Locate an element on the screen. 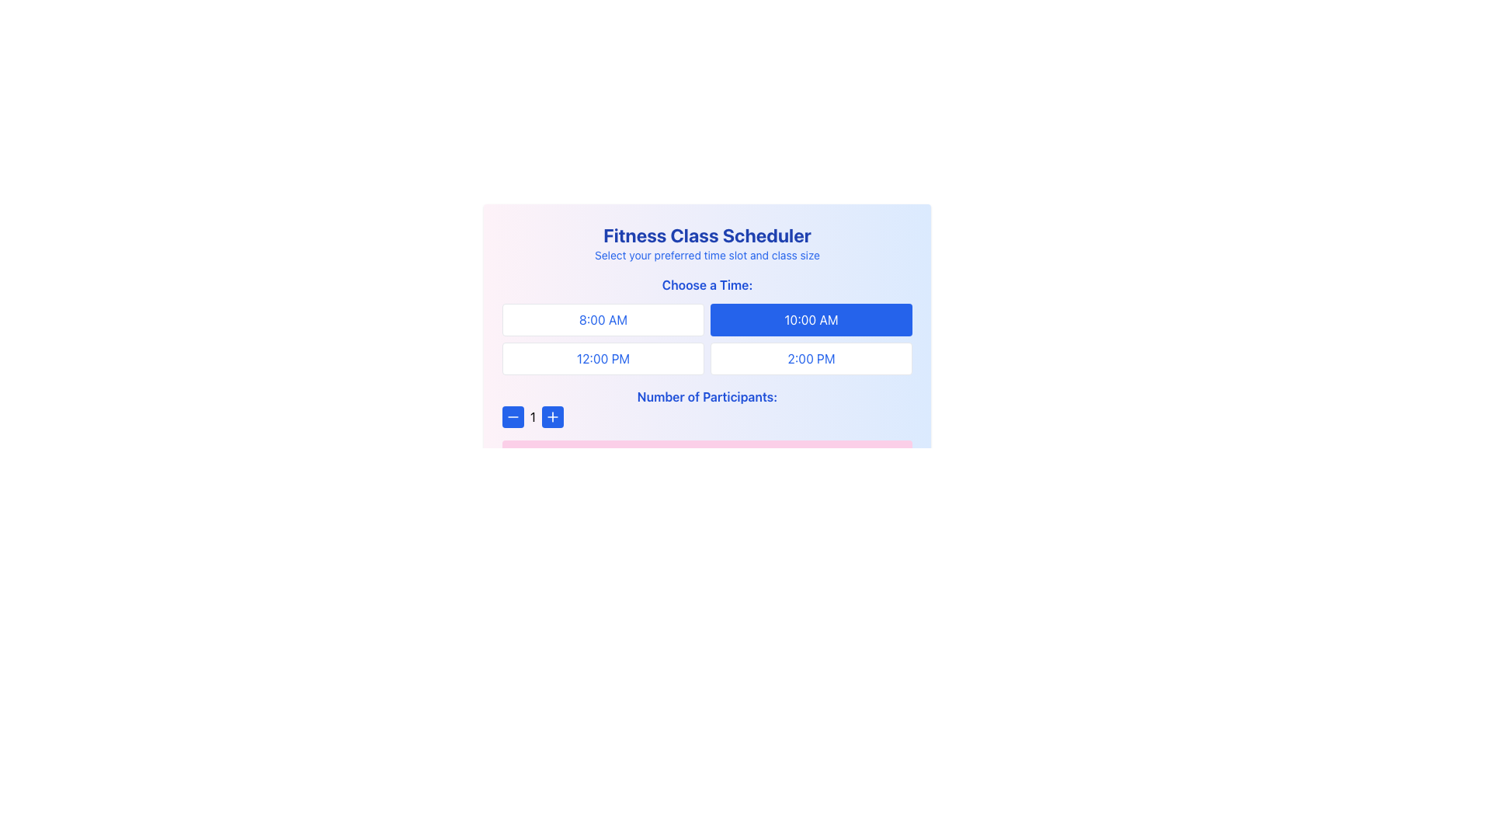 The height and width of the screenshot is (839, 1491). value displayed in the static text label that shows the current number of participants, positioned between the minus and plus buttons is located at coordinates (533, 416).